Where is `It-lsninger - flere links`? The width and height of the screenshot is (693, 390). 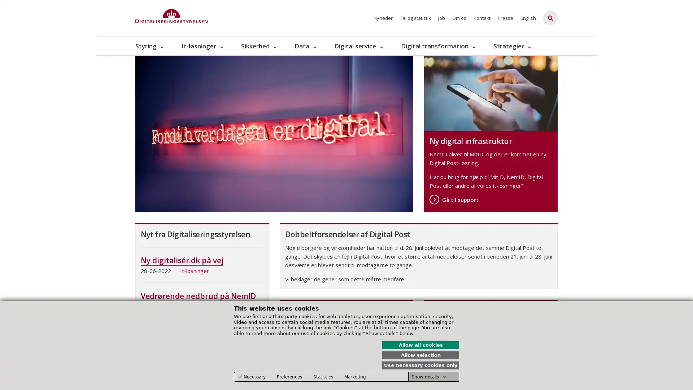
It-lsninger - flere links is located at coordinates (221, 46).